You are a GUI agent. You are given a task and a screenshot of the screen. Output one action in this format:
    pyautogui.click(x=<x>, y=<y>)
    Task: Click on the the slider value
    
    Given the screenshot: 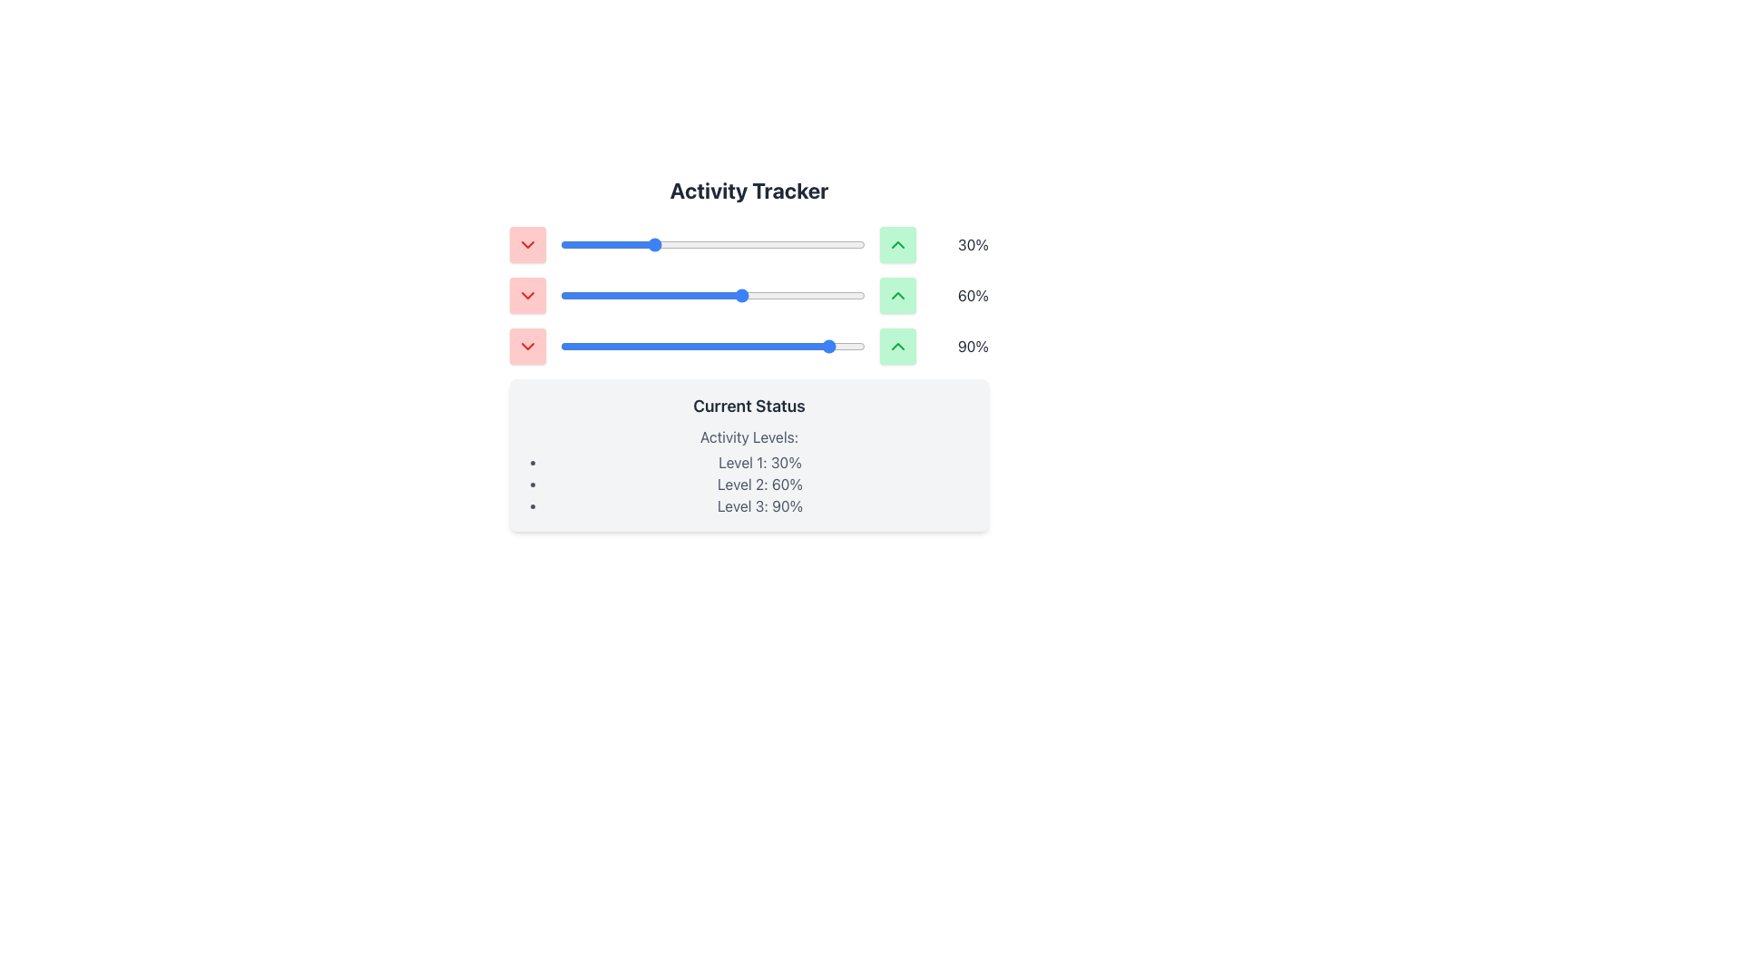 What is the action you would take?
    pyautogui.click(x=779, y=295)
    